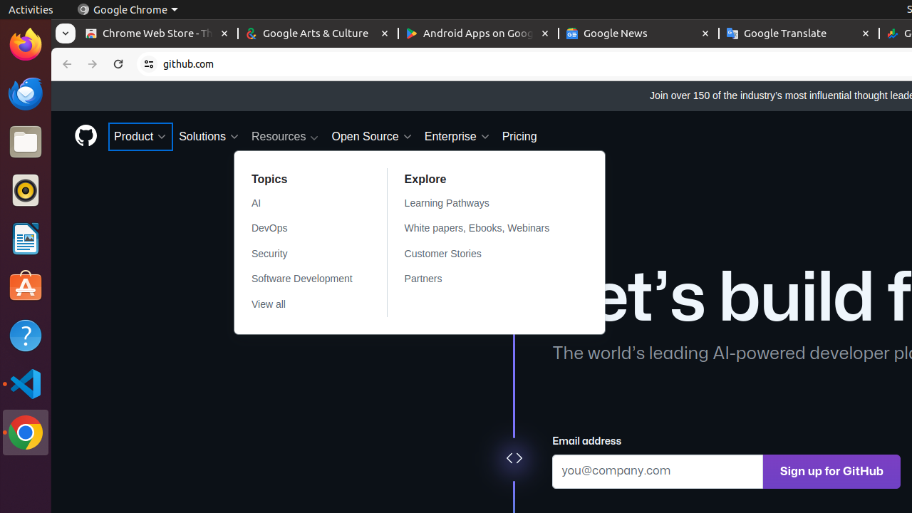 Image resolution: width=912 pixels, height=513 pixels. What do you see at coordinates (831, 471) in the screenshot?
I see `'Sign up for GitHub'` at bounding box center [831, 471].